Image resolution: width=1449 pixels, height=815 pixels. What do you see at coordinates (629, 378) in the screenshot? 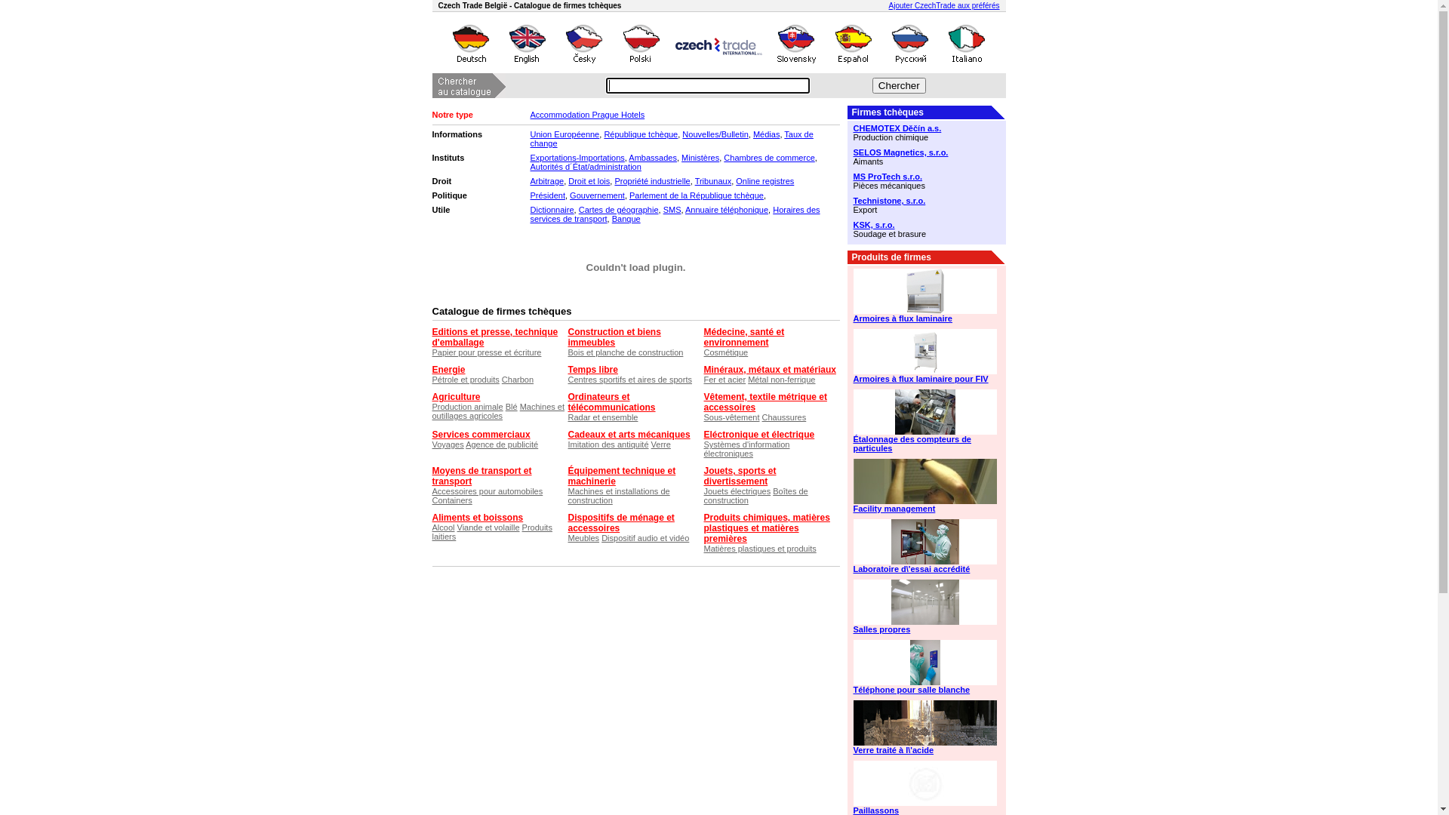
I see `'Centres sportifs et aires de sports'` at bounding box center [629, 378].